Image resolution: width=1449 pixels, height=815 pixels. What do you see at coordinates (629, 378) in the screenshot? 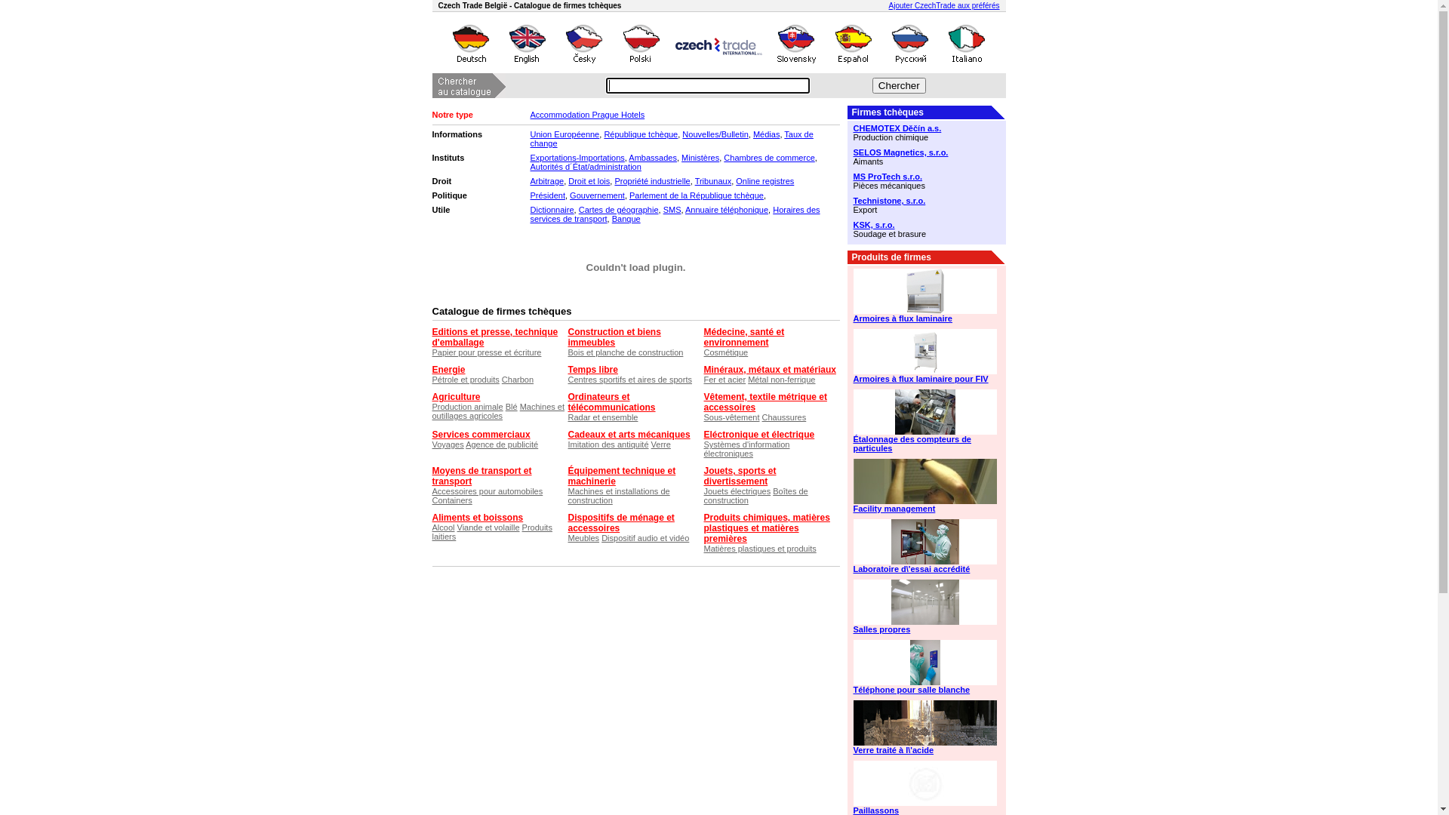
I see `'Centres sportifs et aires de sports'` at bounding box center [629, 378].